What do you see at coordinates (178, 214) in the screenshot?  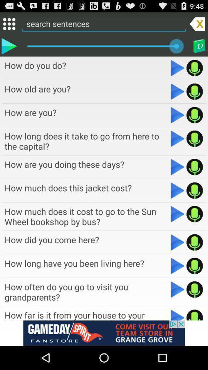 I see `option` at bounding box center [178, 214].